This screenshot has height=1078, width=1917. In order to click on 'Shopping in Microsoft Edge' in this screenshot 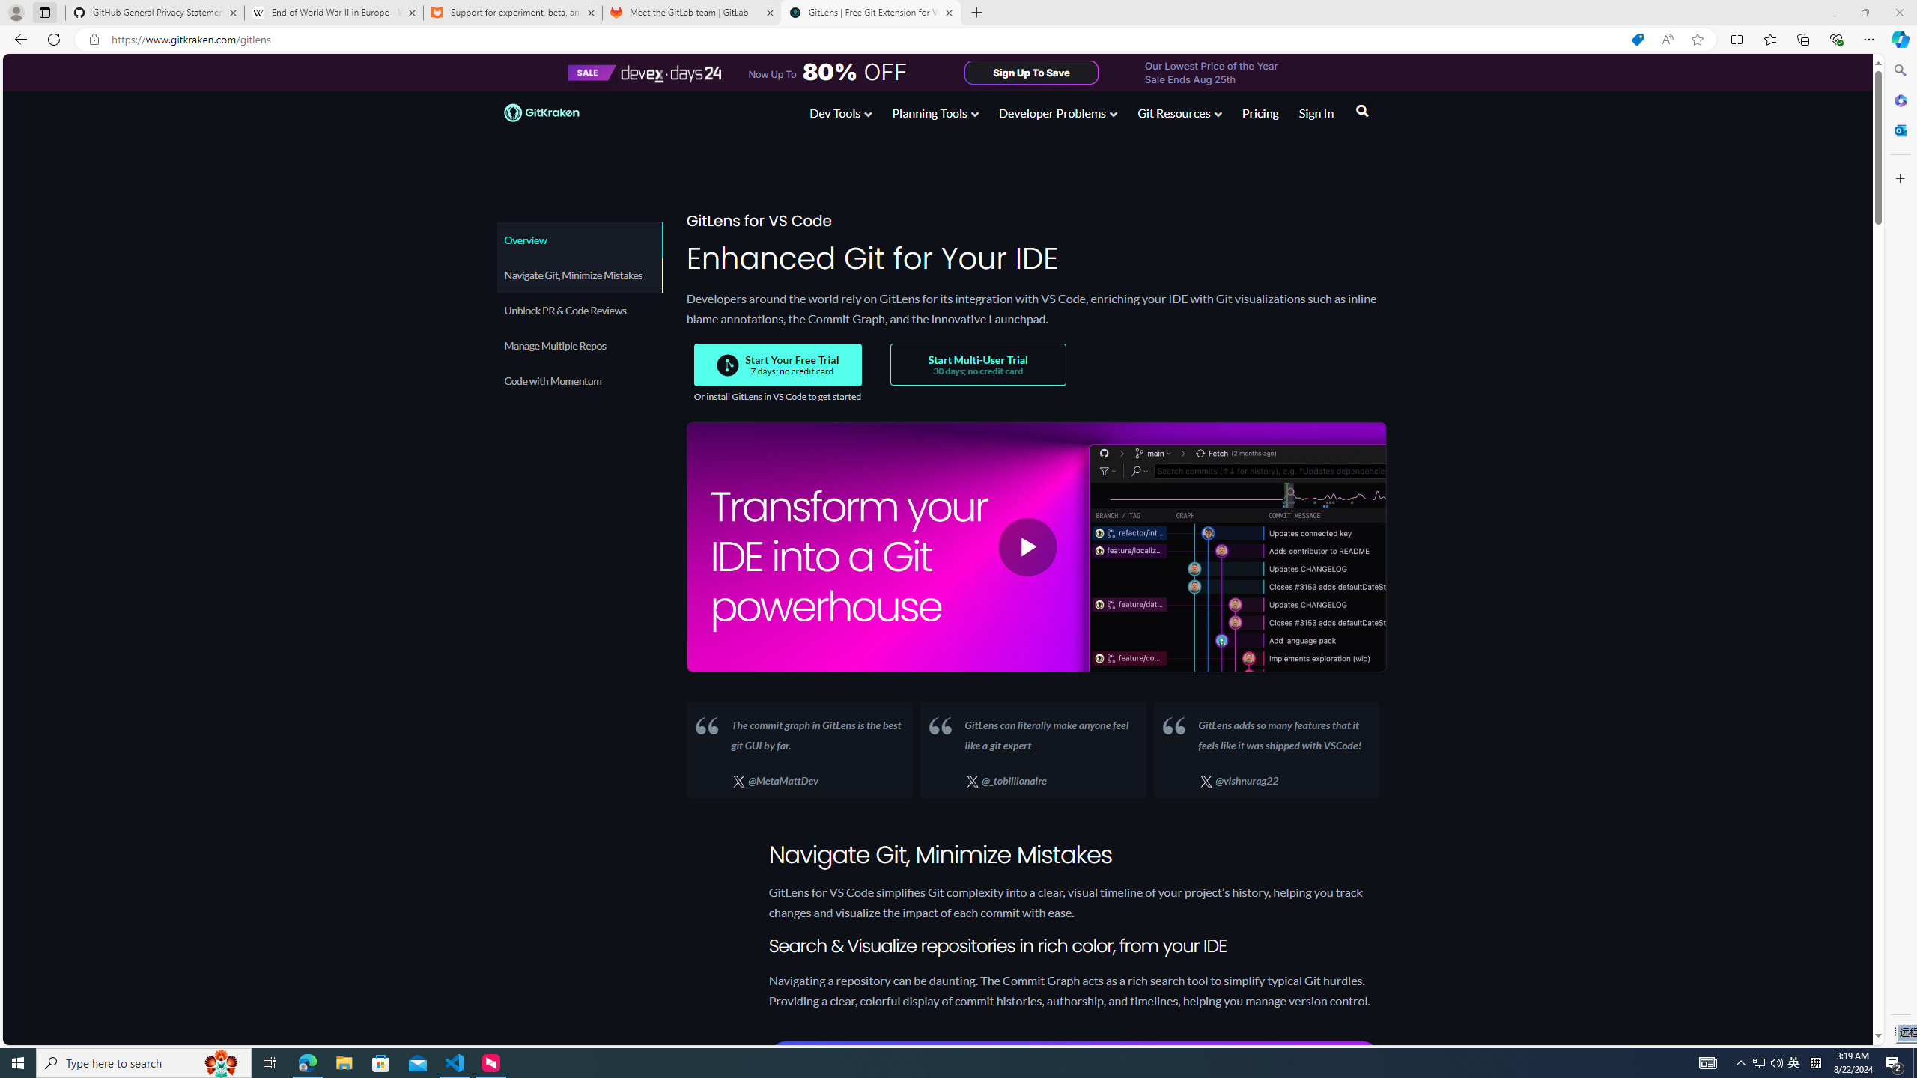, I will do `click(1636, 40)`.